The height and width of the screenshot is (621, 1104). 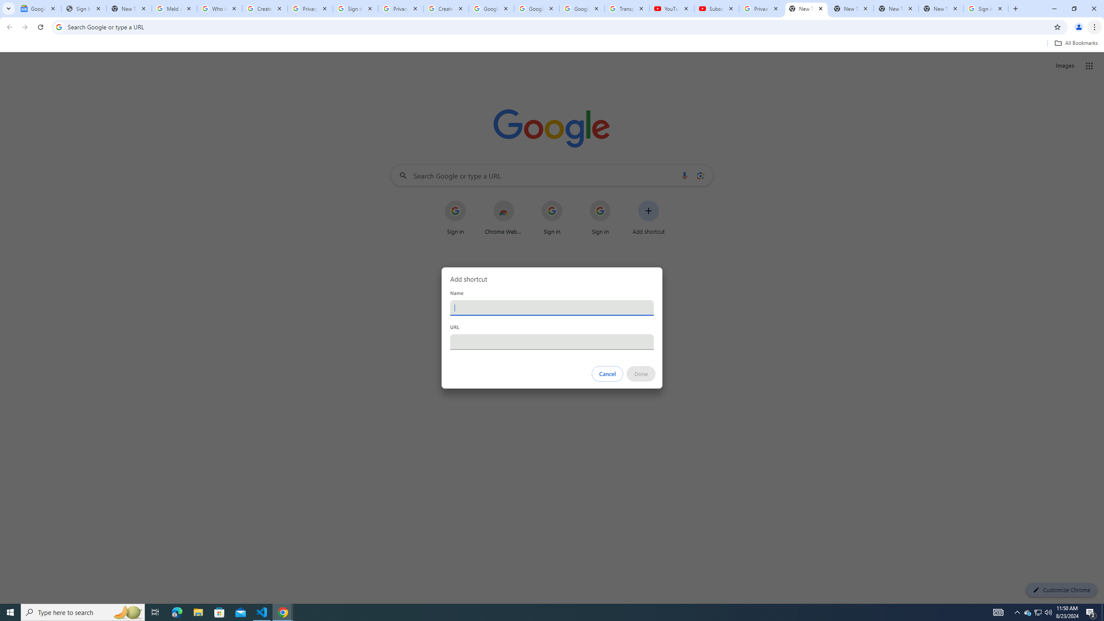 What do you see at coordinates (671, 8) in the screenshot?
I see `'YouTube'` at bounding box center [671, 8].